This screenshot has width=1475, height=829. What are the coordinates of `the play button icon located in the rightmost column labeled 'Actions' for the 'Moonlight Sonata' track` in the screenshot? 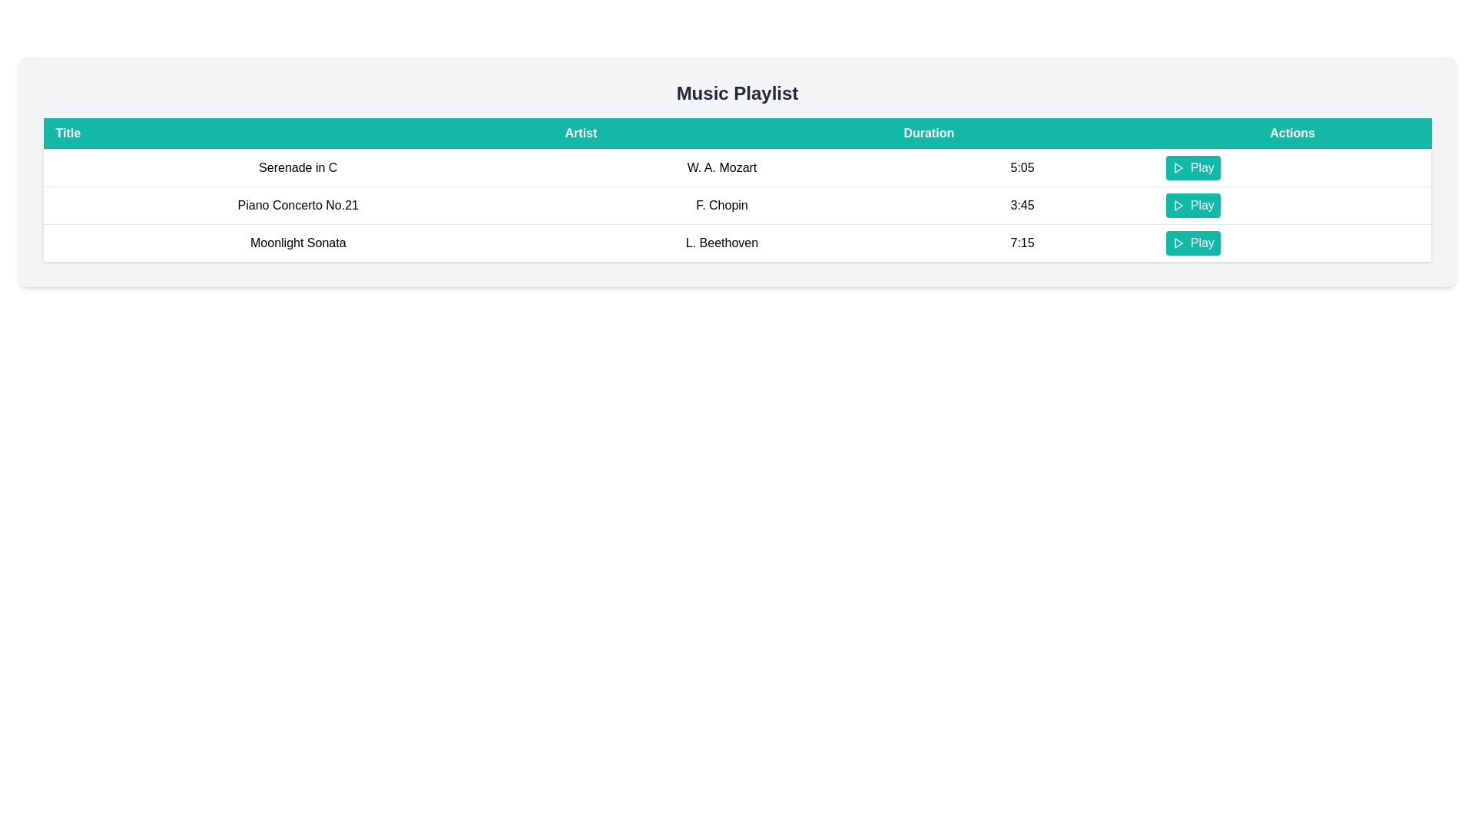 It's located at (1178, 242).